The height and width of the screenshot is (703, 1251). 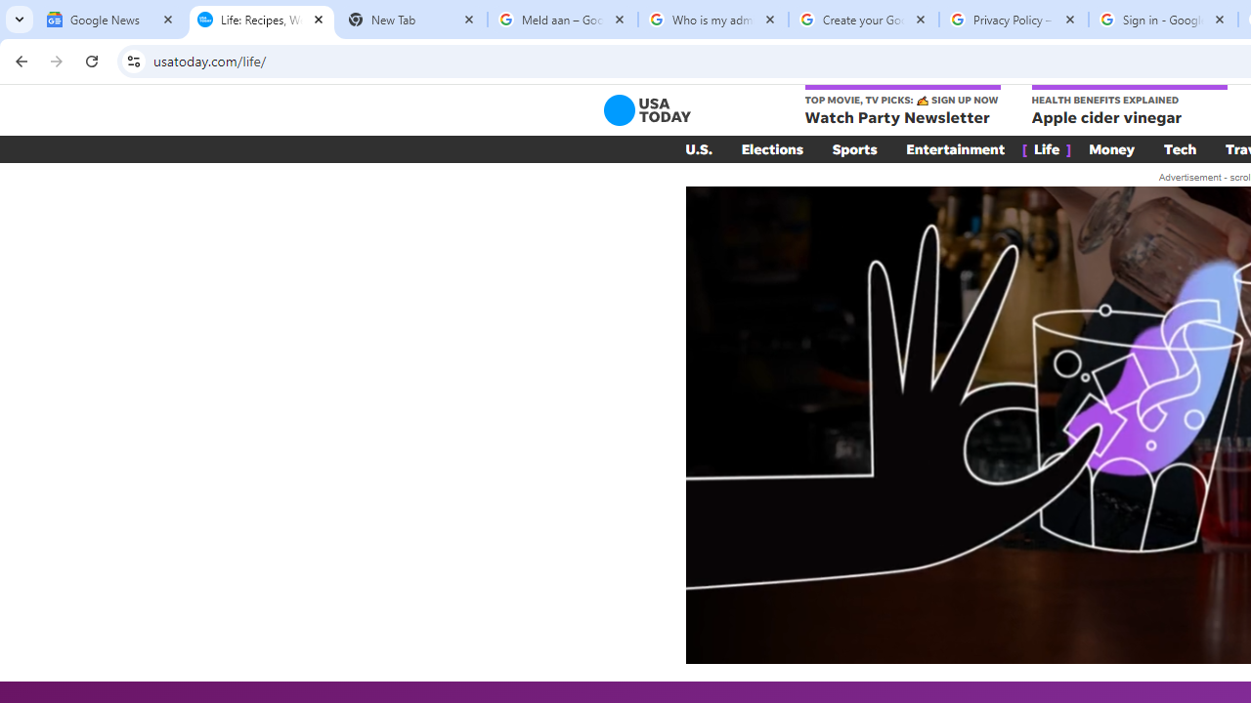 I want to click on 'Elections', so click(x=770, y=148).